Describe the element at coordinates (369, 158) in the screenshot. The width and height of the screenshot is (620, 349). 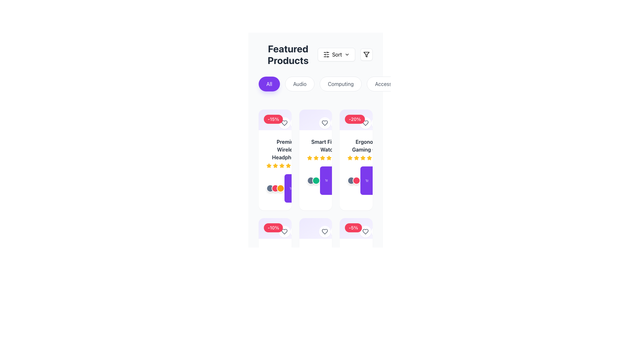
I see `the fifth yellow star icon in the rating component` at that location.